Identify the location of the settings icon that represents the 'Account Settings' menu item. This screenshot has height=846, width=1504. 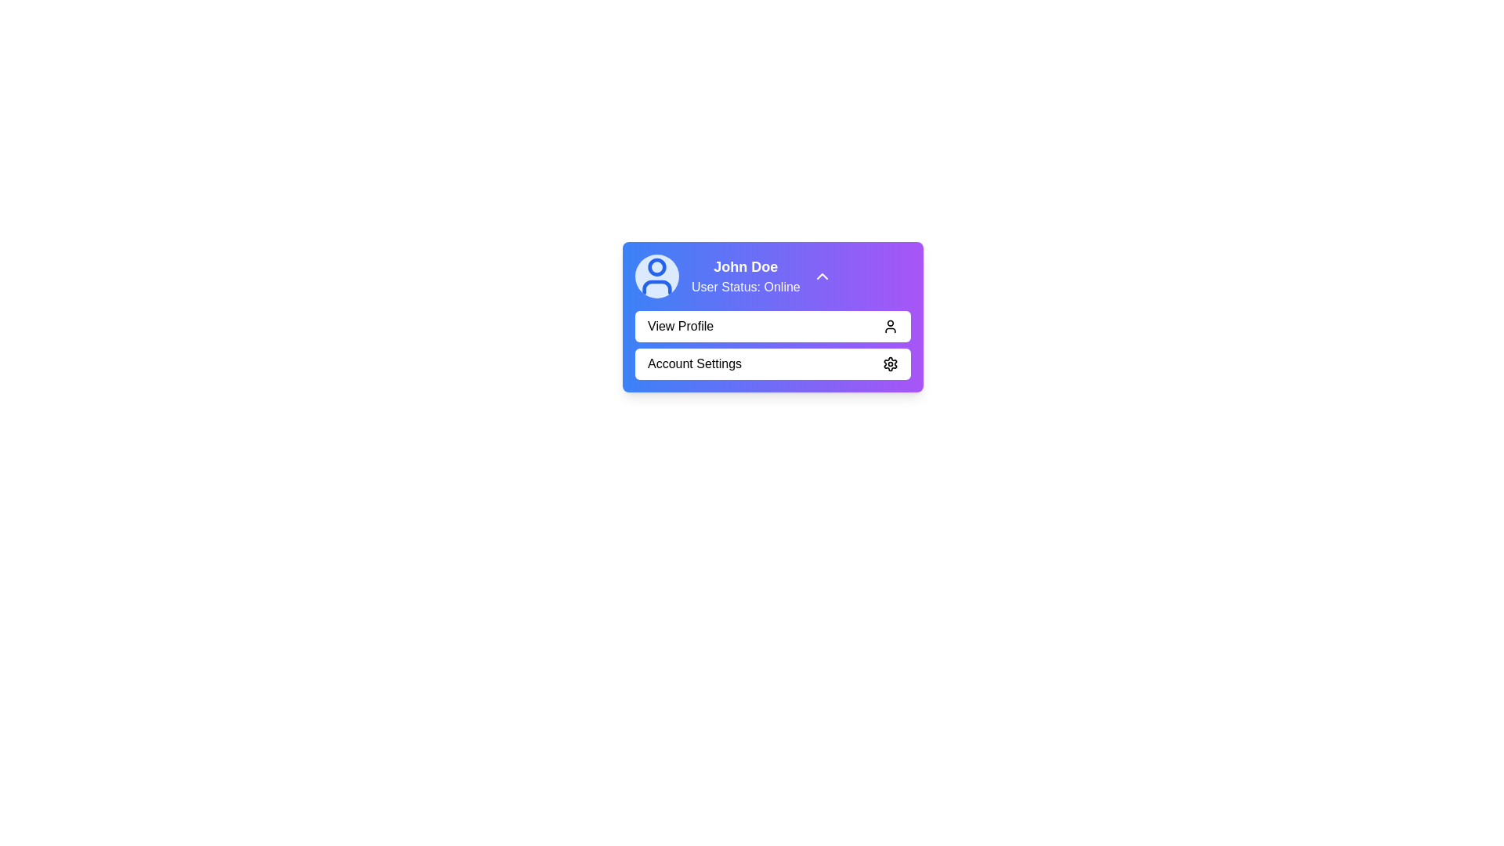
(891, 364).